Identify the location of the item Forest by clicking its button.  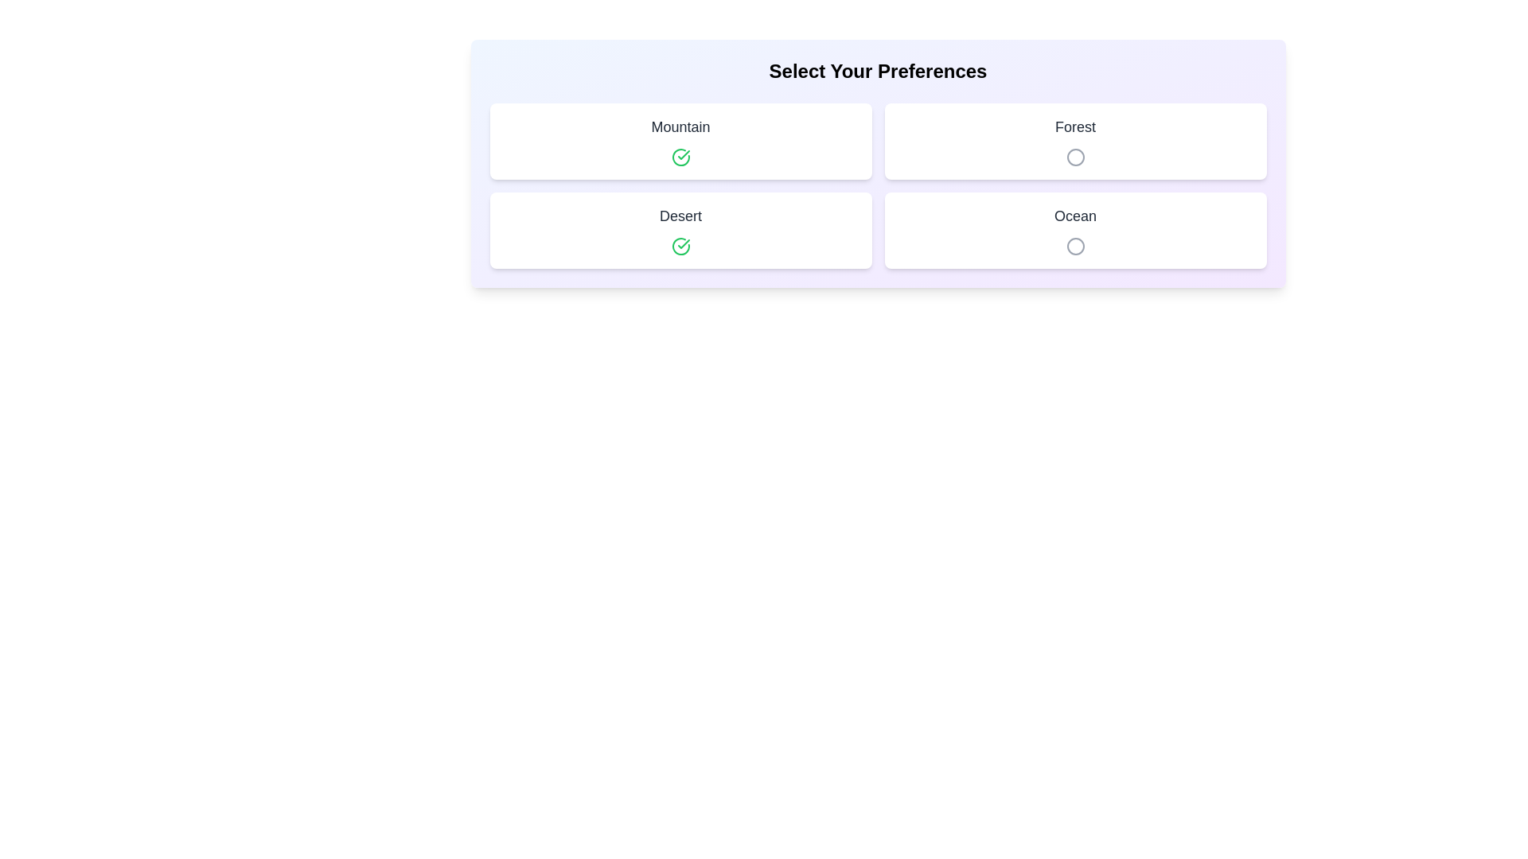
(1075, 157).